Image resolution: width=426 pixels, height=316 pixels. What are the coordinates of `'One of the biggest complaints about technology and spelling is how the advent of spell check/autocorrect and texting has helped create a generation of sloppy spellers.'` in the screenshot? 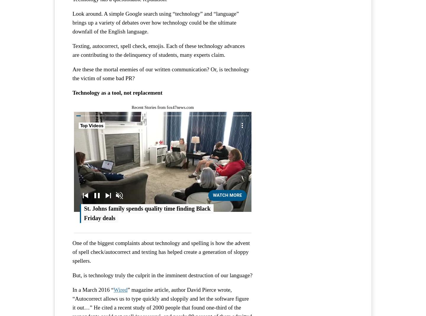 It's located at (161, 251).